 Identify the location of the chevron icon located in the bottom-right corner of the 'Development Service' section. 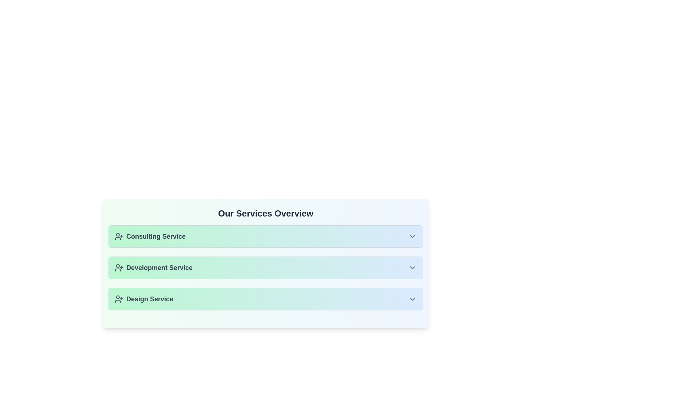
(412, 268).